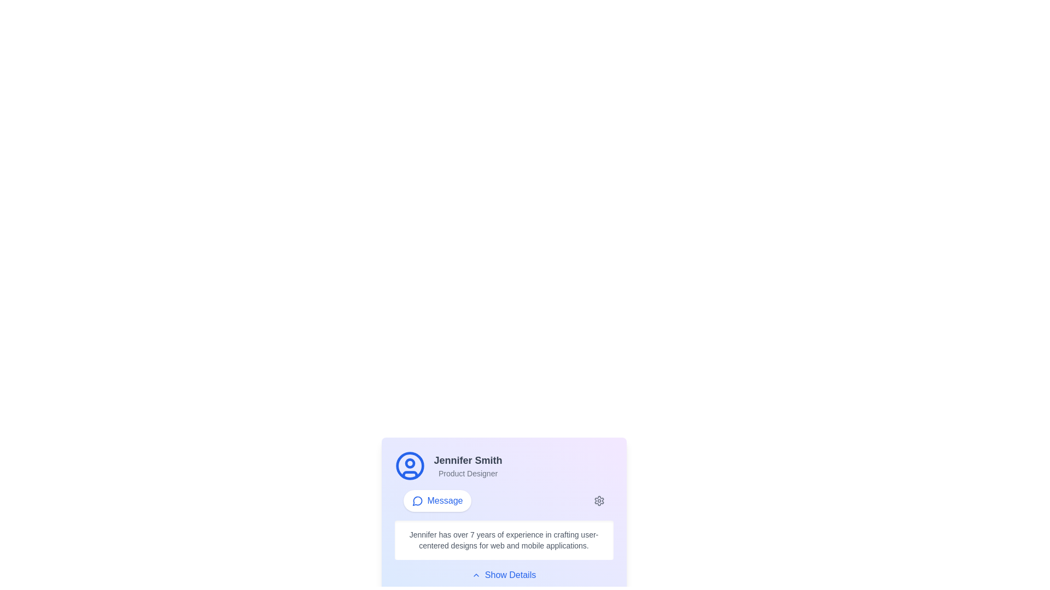 This screenshot has width=1050, height=590. What do you see at coordinates (436, 501) in the screenshot?
I see `the messaging button located at the bottom left of the profile card to initiate the messaging interface` at bounding box center [436, 501].